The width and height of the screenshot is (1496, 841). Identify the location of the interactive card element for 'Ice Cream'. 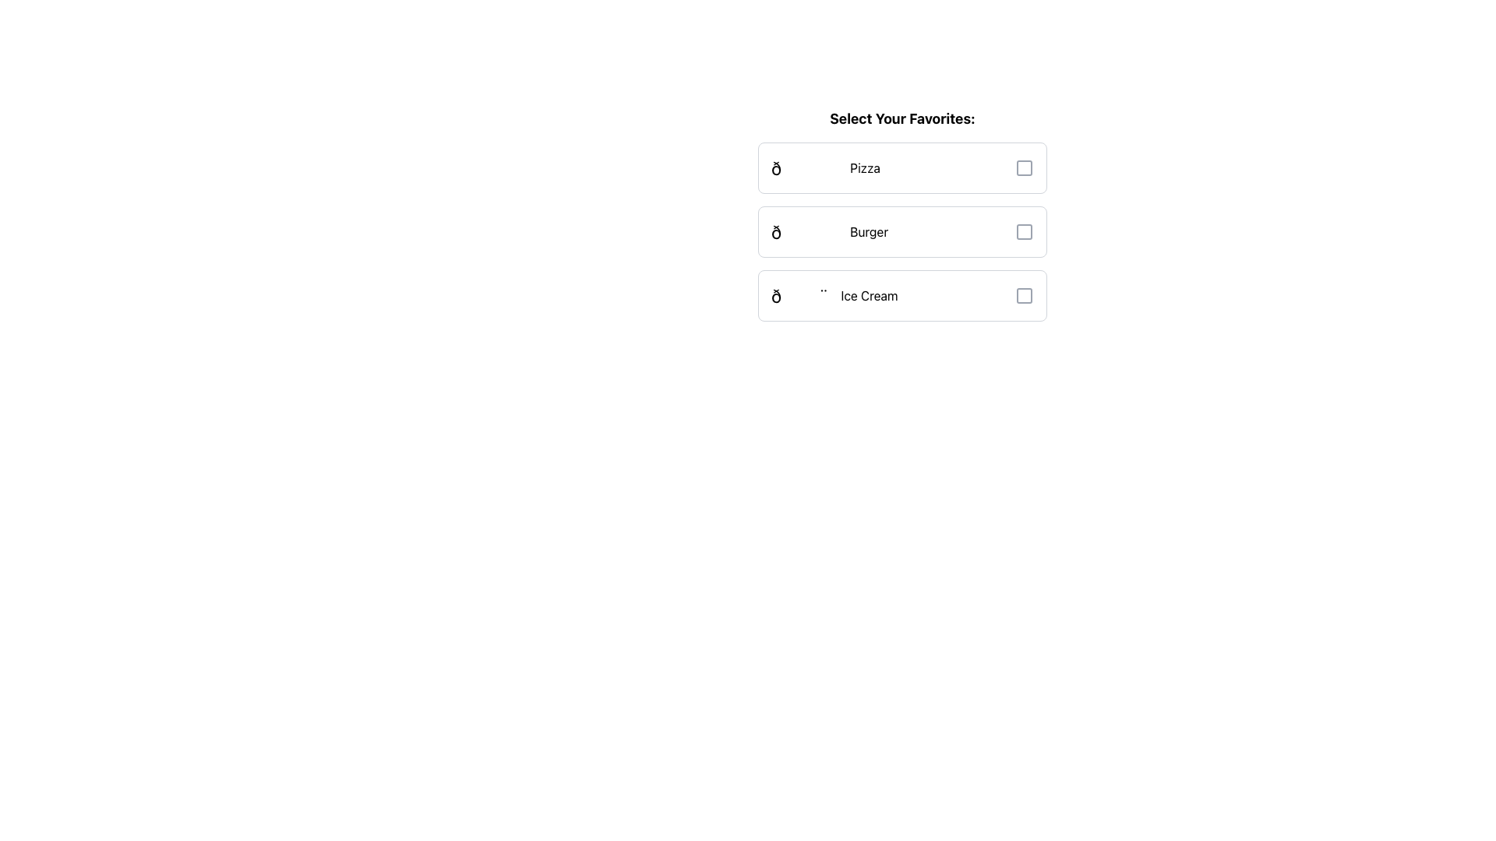
(902, 296).